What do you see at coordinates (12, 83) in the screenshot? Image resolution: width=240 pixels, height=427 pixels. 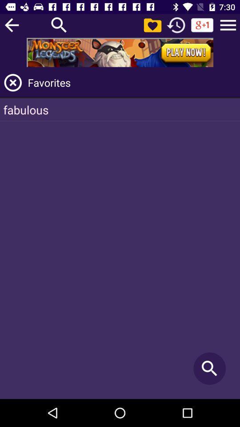 I see `app to the left of favorites icon` at bounding box center [12, 83].